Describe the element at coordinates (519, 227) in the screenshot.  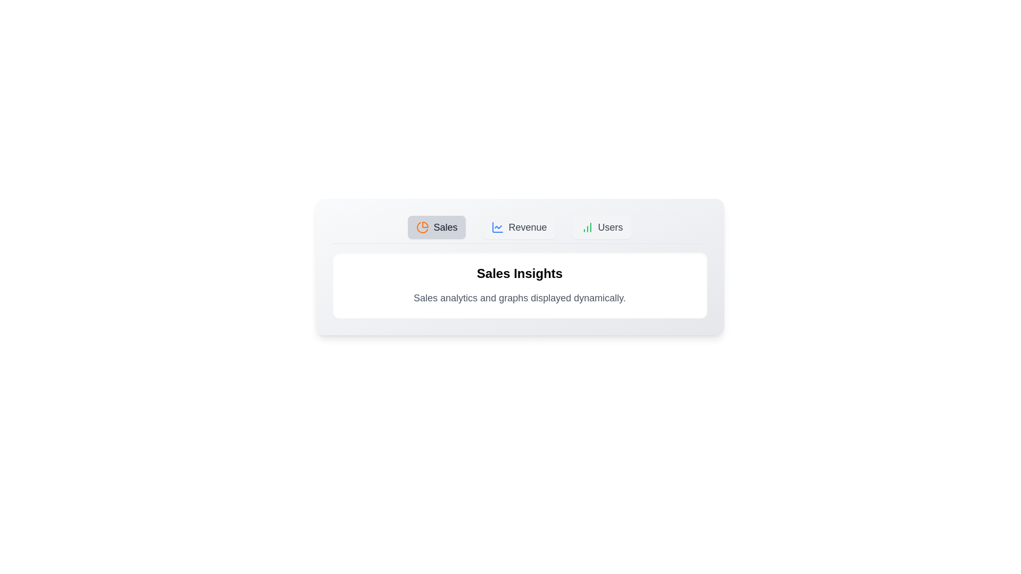
I see `the tab labeled Revenue` at that location.